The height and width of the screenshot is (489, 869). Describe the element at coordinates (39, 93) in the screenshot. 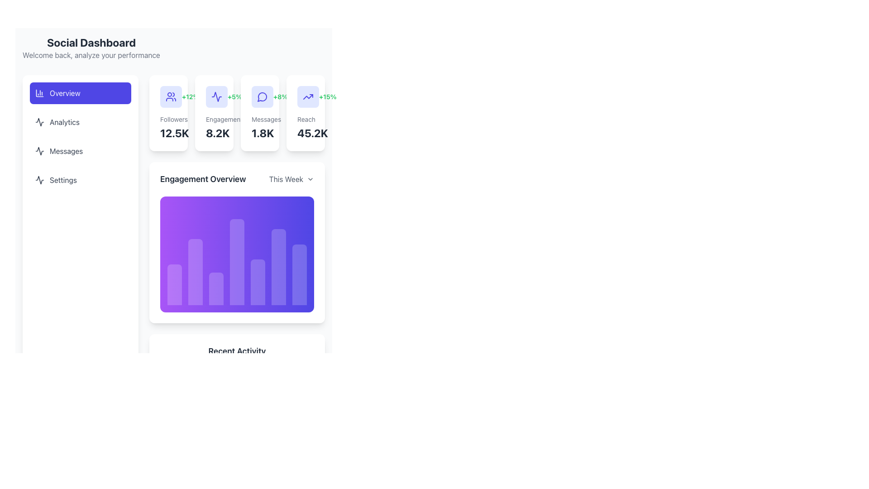

I see `the 'Overview' icon in the sidebar, which visually represents the entry for the Overview section and is located to the left of the 'Overview' text` at that location.